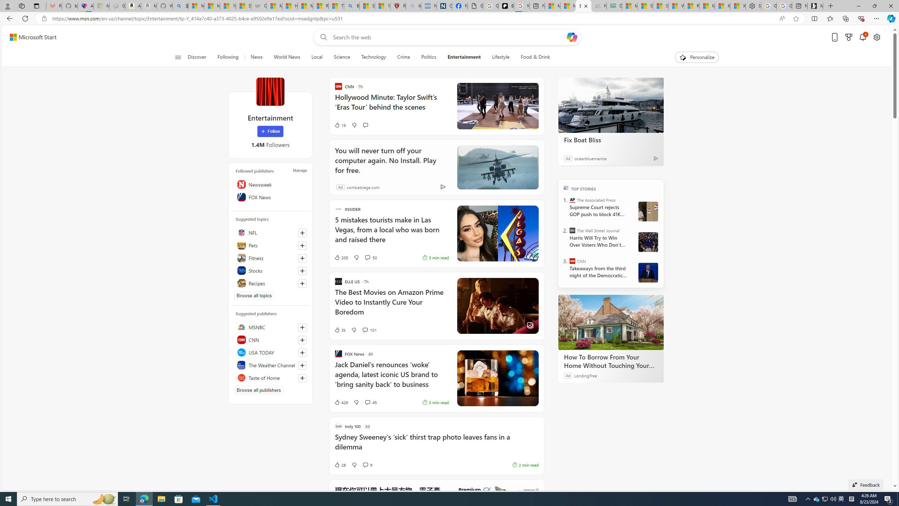 The width and height of the screenshot is (899, 506). What do you see at coordinates (428, 57) in the screenshot?
I see `'Politics'` at bounding box center [428, 57].